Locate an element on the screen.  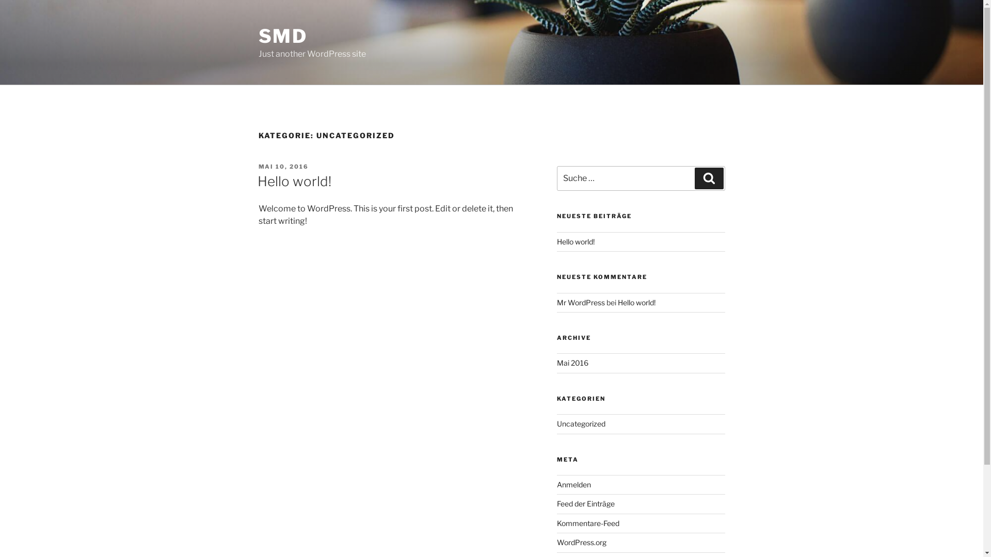
'MAI 10, 2016' is located at coordinates (283, 166).